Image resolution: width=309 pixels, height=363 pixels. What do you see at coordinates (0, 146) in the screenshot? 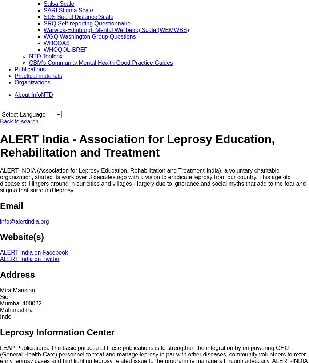
I see `'ALERT India - Association for Leprosy Education, Rehabilitation and Treatment'` at bounding box center [0, 146].